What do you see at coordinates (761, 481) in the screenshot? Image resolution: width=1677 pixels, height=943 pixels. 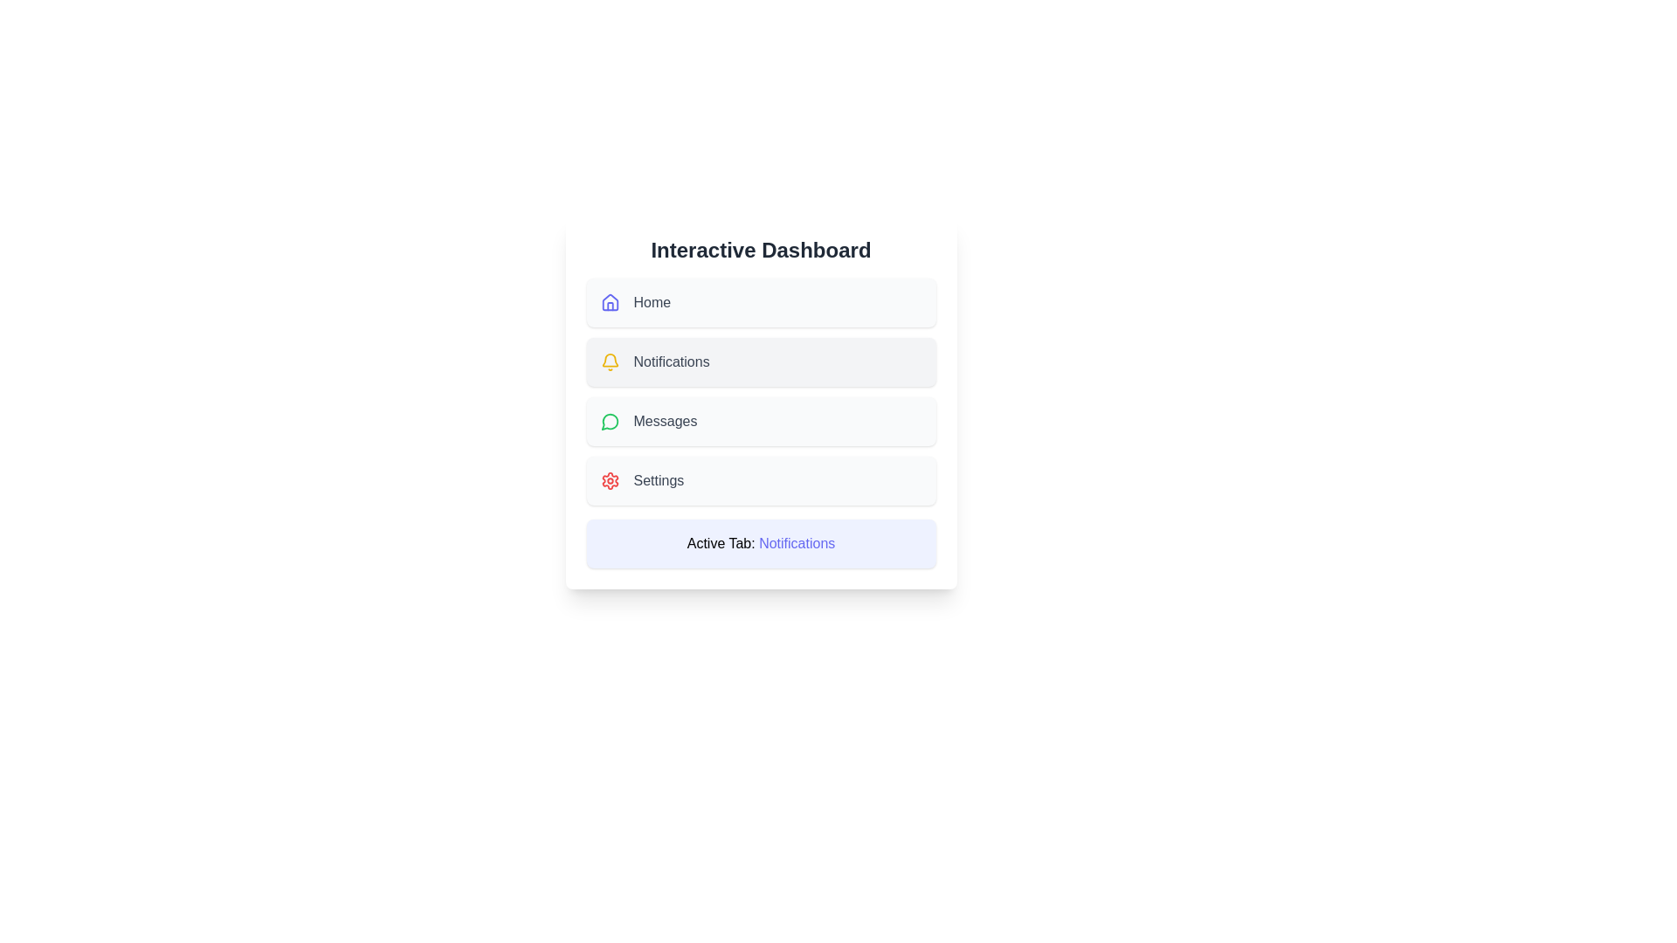 I see `the menu button labeled Settings` at bounding box center [761, 481].